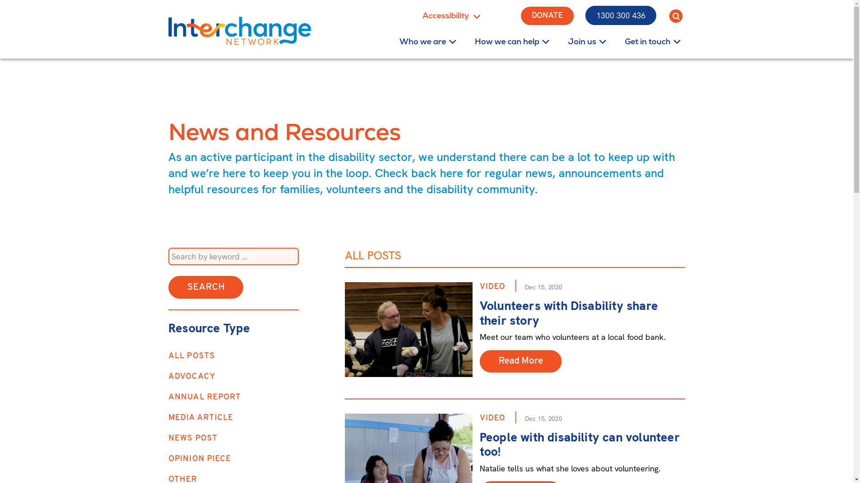 The height and width of the screenshot is (483, 860). Describe the element at coordinates (191, 377) in the screenshot. I see `'ADVOCACY'` at that location.